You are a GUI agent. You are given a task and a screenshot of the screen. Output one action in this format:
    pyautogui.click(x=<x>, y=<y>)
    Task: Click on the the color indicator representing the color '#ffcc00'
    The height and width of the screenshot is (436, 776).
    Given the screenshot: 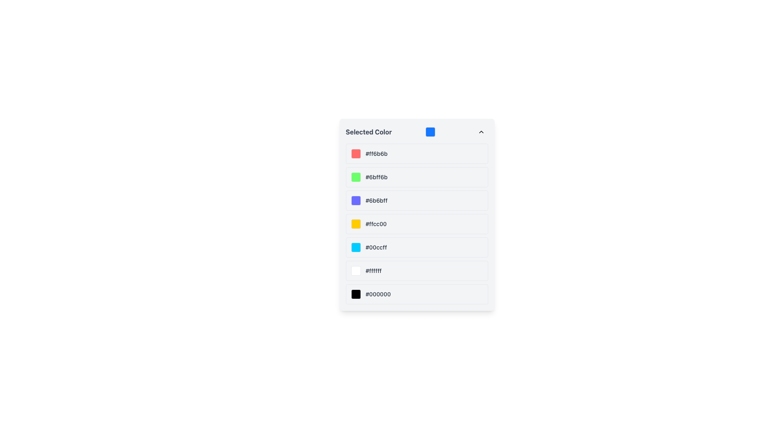 What is the action you would take?
    pyautogui.click(x=356, y=224)
    